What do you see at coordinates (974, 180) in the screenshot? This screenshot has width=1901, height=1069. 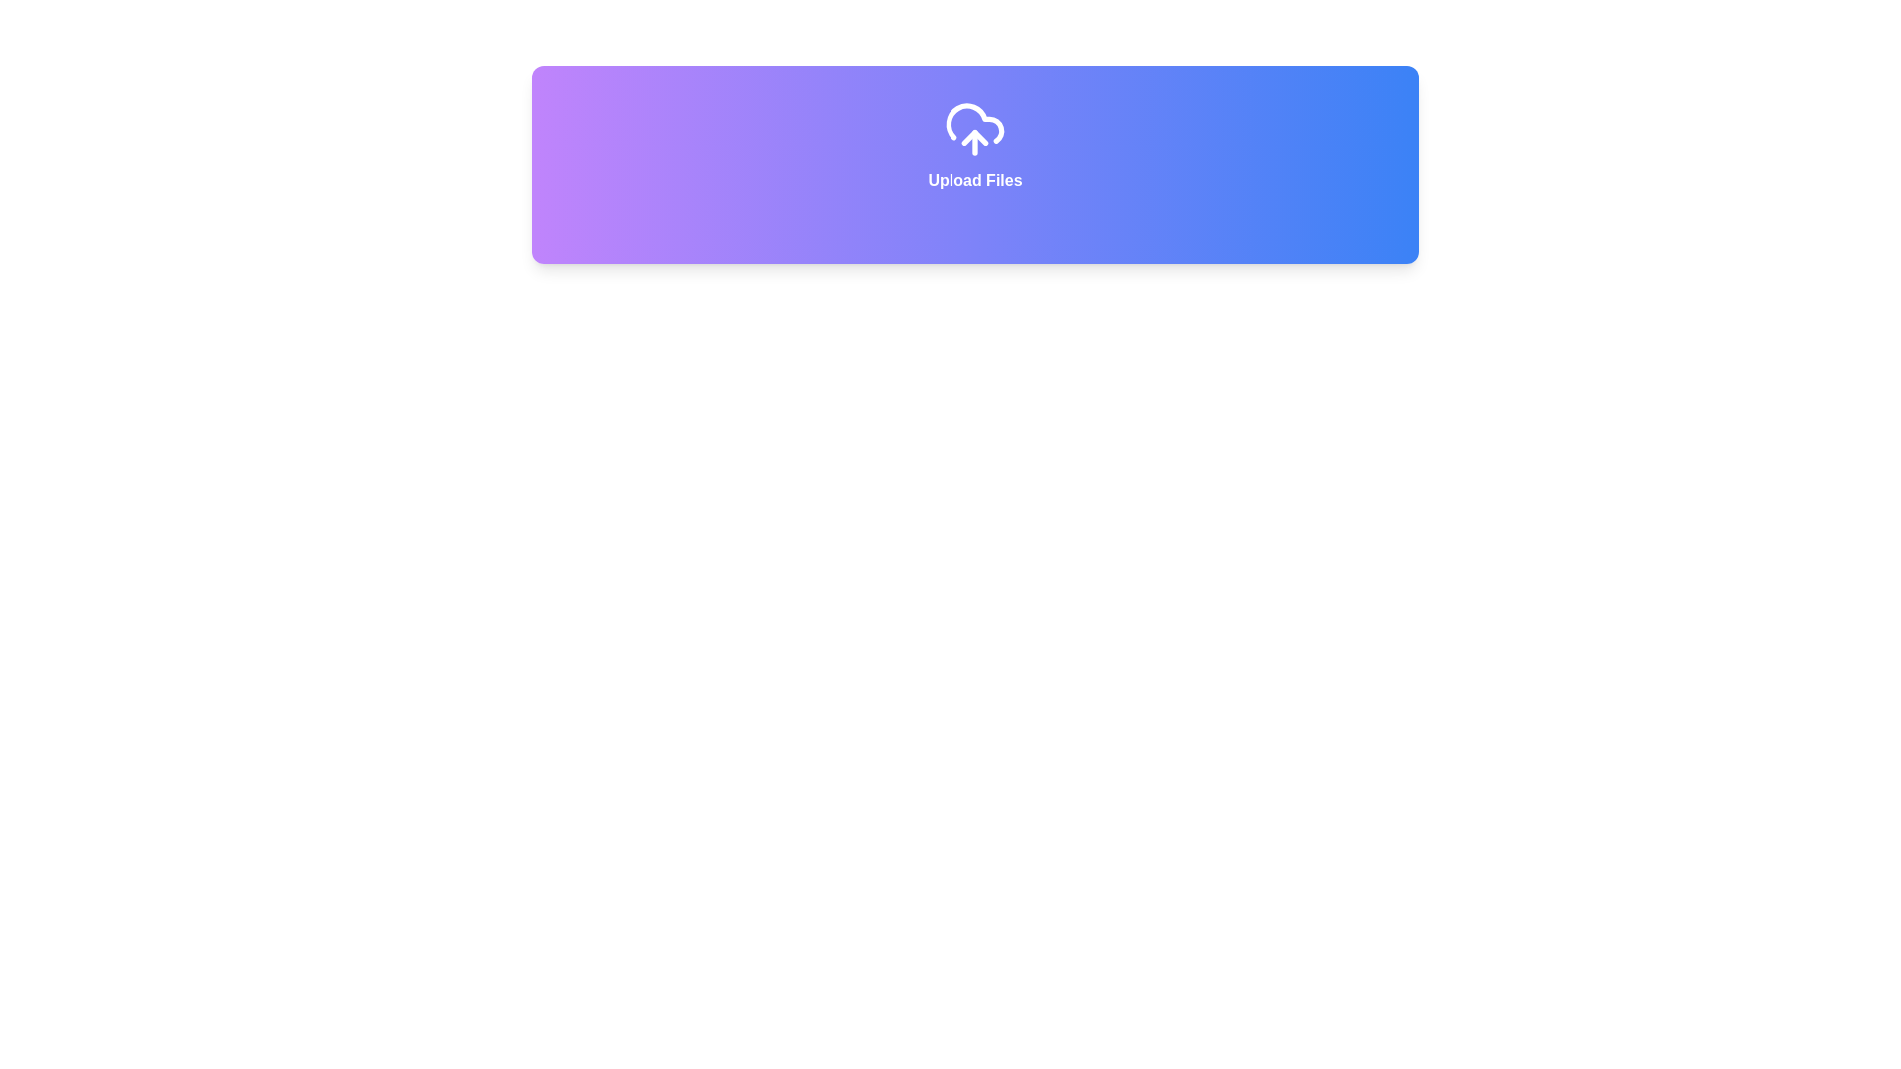 I see `the 'Upload Files' text label, which is displayed in bold font and located under a cloud upload icon within a gradient-colored rectangular area` at bounding box center [974, 180].